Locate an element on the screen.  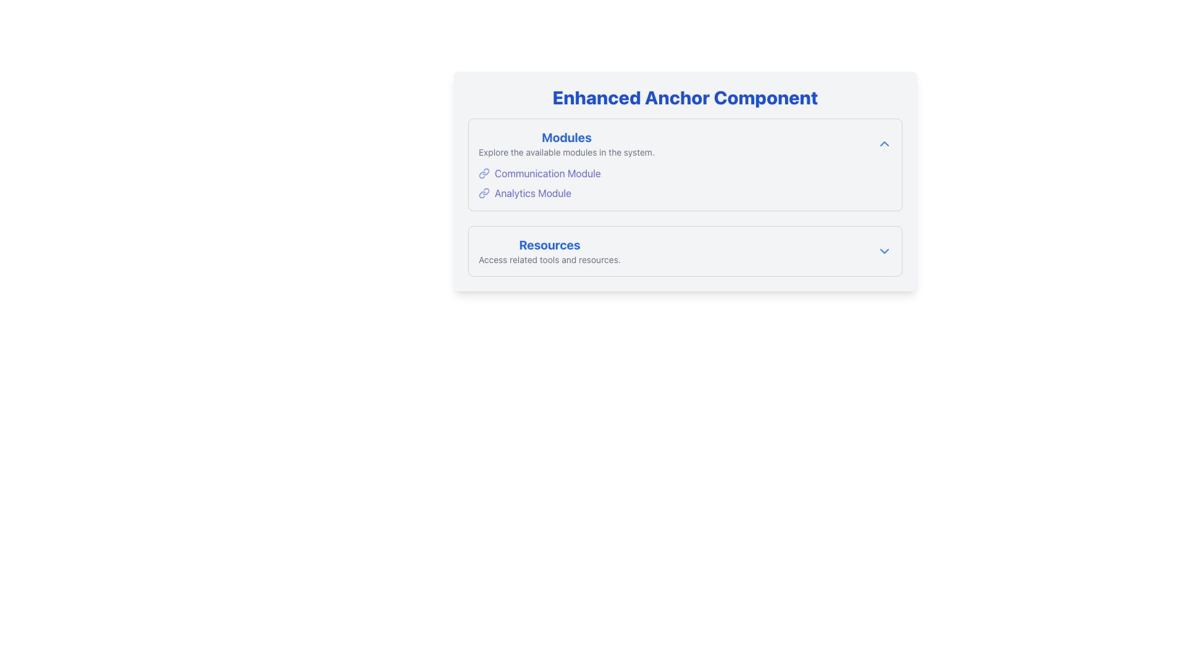
the gray text displayed below the bold blue label 'Resources' to emphasize it is located at coordinates (549, 259).